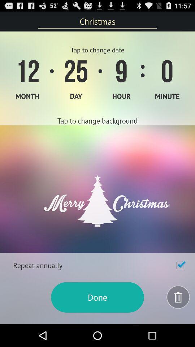 The height and width of the screenshot is (347, 195). Describe the element at coordinates (180, 265) in the screenshot. I see `the icon next to repeat annually item` at that location.